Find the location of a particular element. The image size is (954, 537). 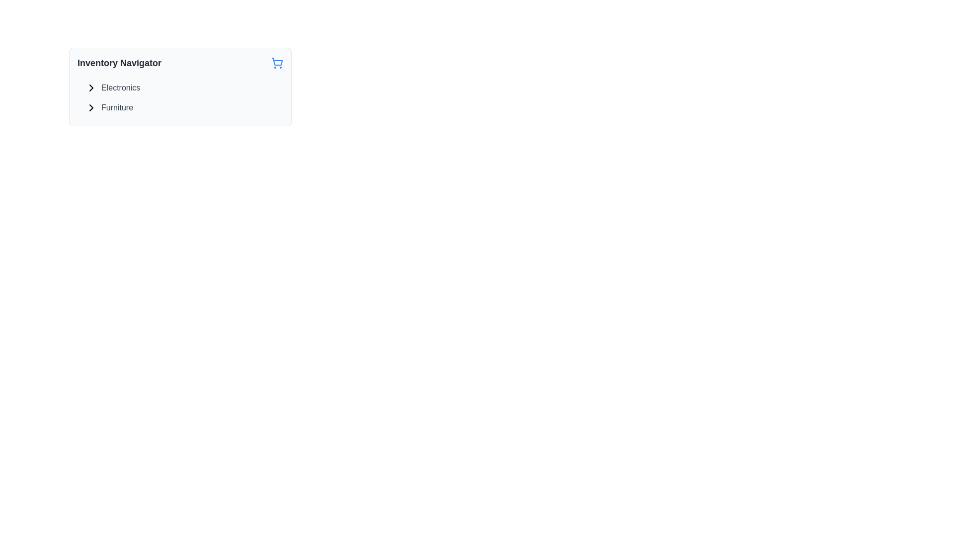

the rightward chevron icon in the 'Inventory Navigator' component, adjacent to the 'Electronics' label, to trigger a tooltip is located at coordinates (91, 88).